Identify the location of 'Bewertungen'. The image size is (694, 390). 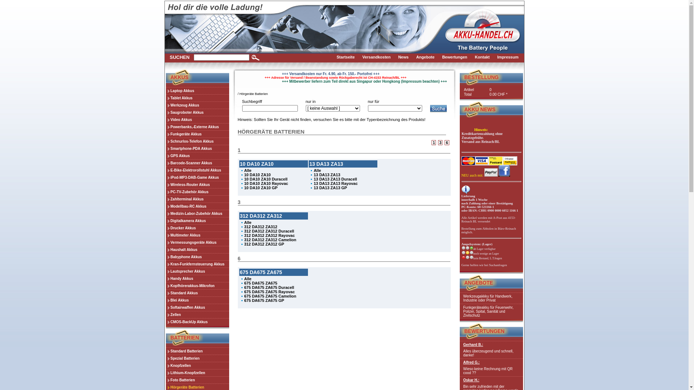
(456, 57).